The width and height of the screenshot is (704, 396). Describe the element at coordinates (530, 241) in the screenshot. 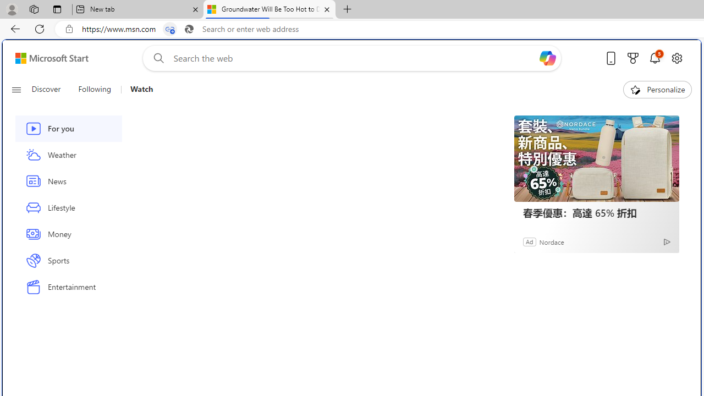

I see `'Ad'` at that location.